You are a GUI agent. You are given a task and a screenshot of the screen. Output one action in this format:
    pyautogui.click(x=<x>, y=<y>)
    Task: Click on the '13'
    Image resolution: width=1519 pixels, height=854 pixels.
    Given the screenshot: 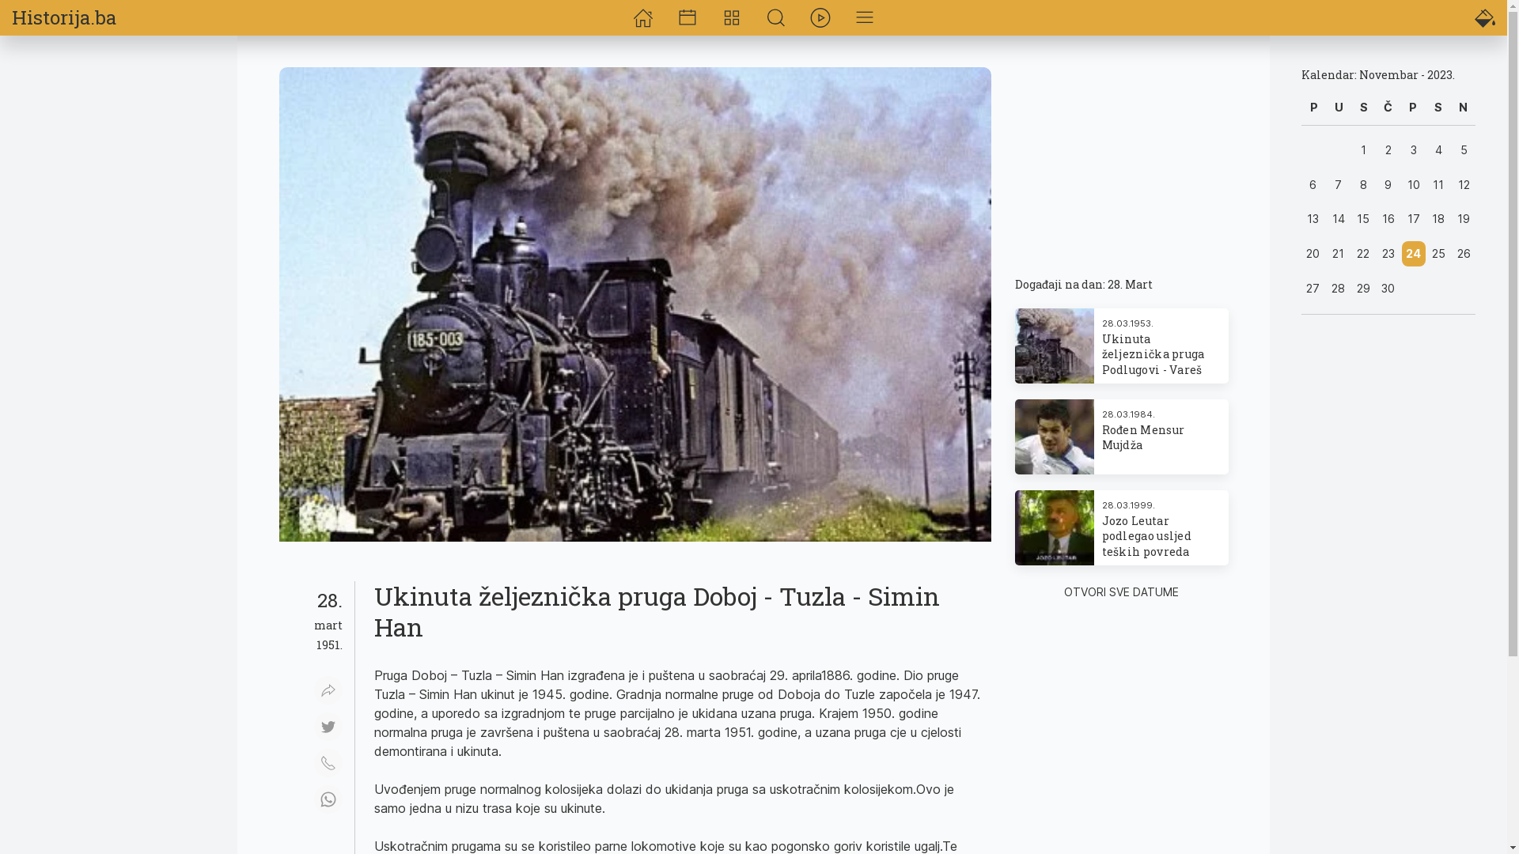 What is the action you would take?
    pyautogui.click(x=1313, y=219)
    